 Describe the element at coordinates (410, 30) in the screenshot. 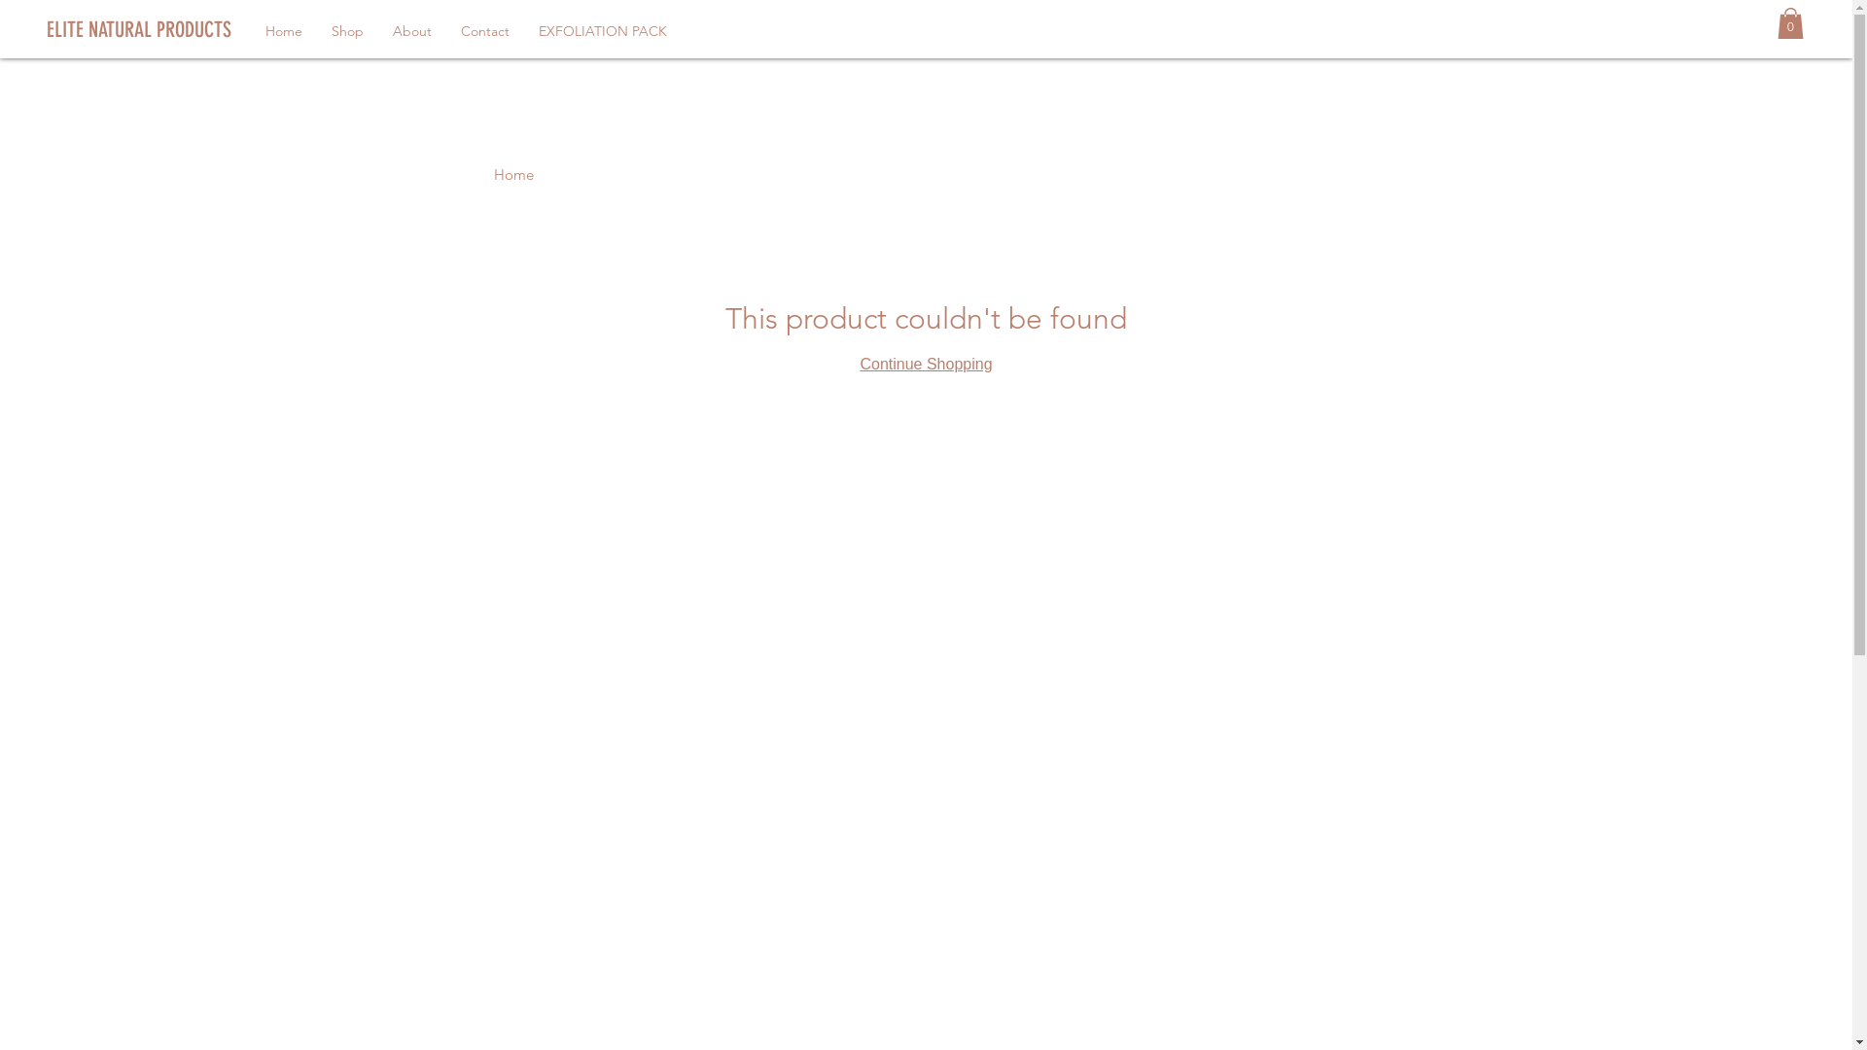

I see `'About'` at that location.